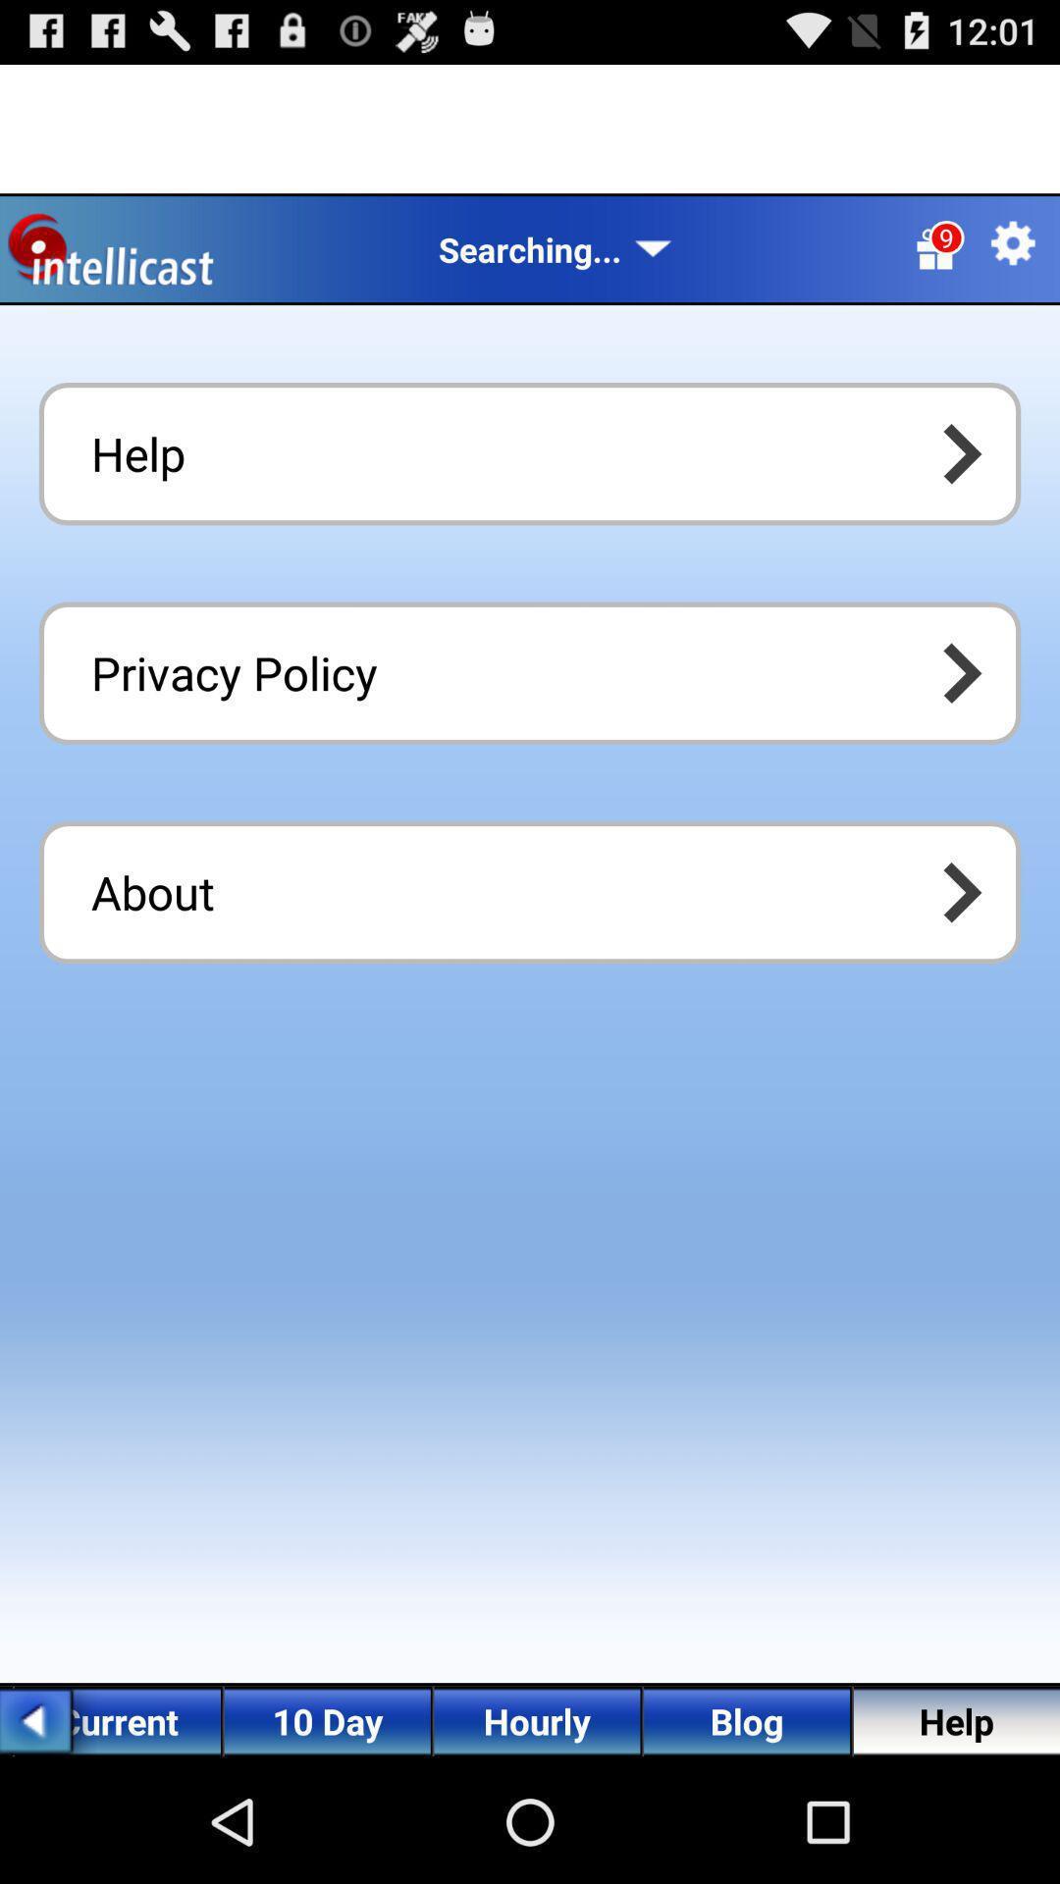  I want to click on the settings icon, so click(1013, 259).